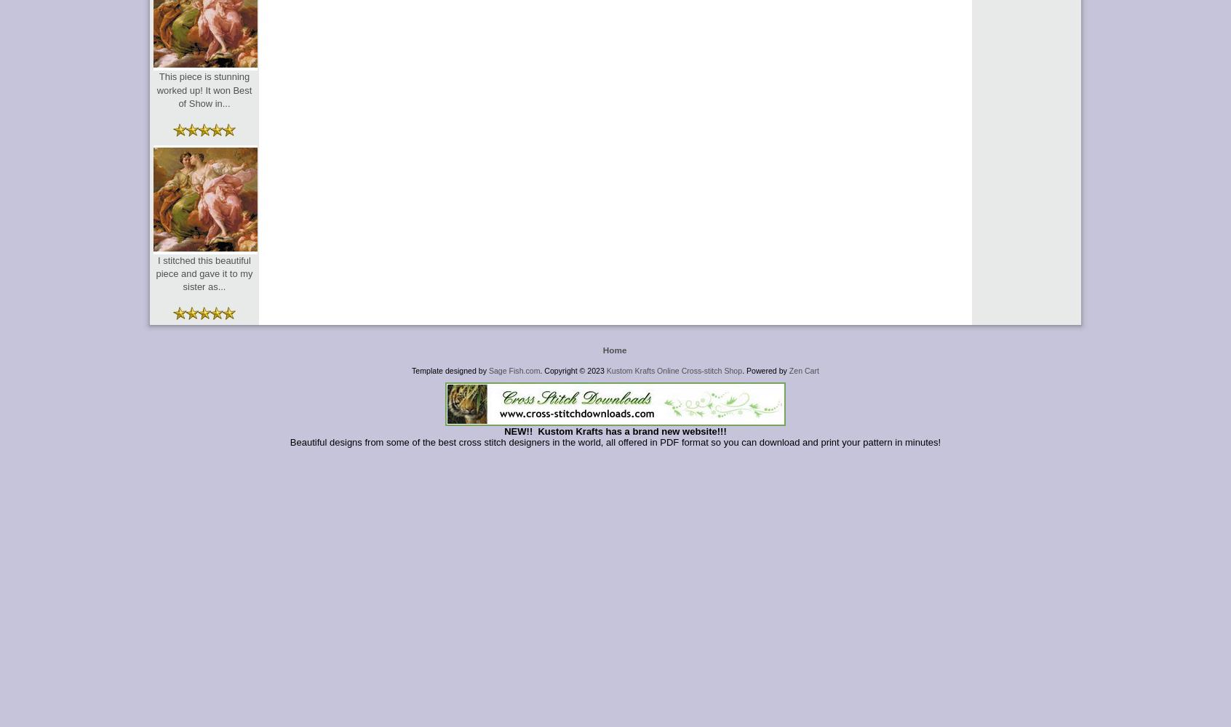  Describe the element at coordinates (573, 370) in the screenshot. I see `'. Copyright © 2023'` at that location.